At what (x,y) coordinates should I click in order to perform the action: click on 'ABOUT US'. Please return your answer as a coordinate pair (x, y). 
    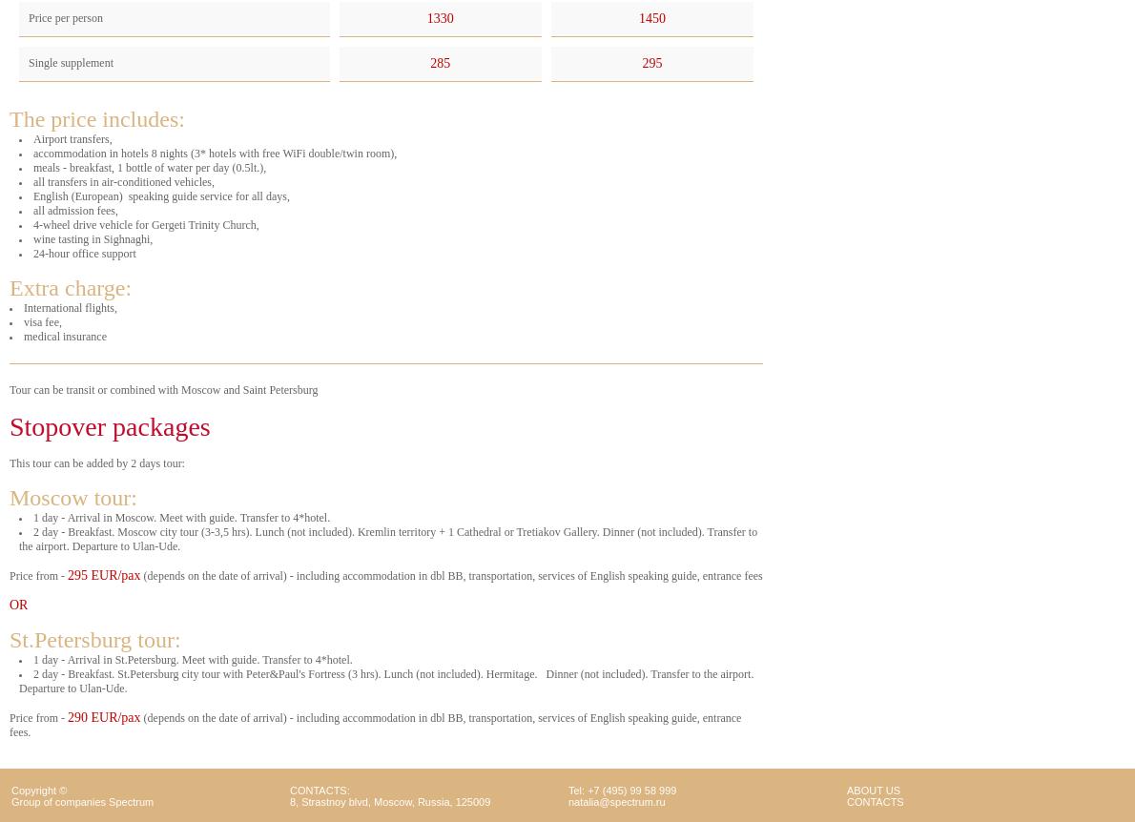
    Looking at the image, I should click on (873, 789).